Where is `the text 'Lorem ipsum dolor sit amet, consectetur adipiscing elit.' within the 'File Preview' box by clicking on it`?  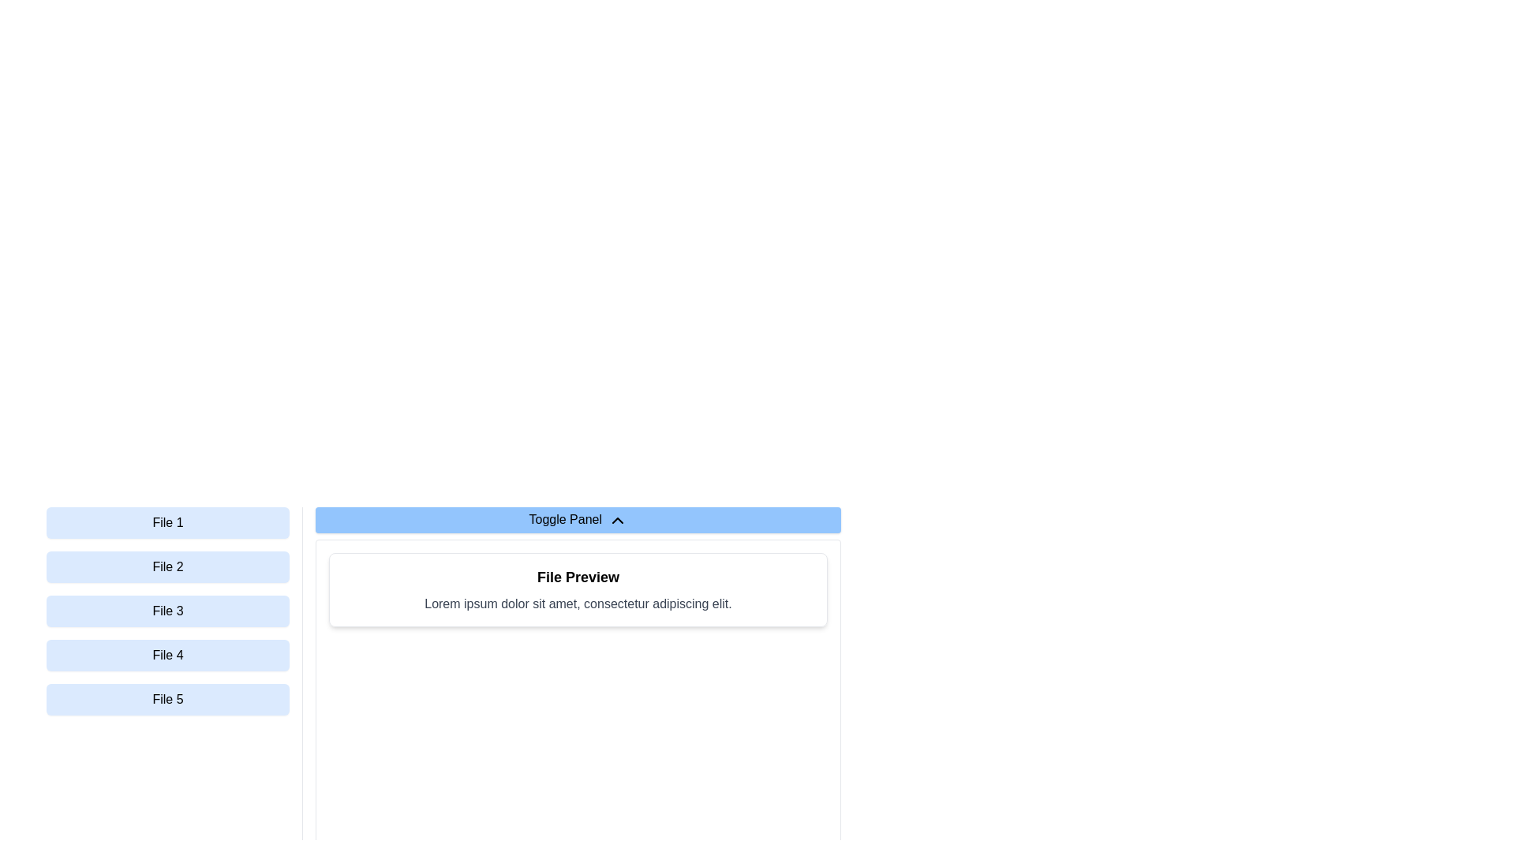 the text 'Lorem ipsum dolor sit amet, consectetur adipiscing elit.' within the 'File Preview' box by clicking on it is located at coordinates (578, 603).